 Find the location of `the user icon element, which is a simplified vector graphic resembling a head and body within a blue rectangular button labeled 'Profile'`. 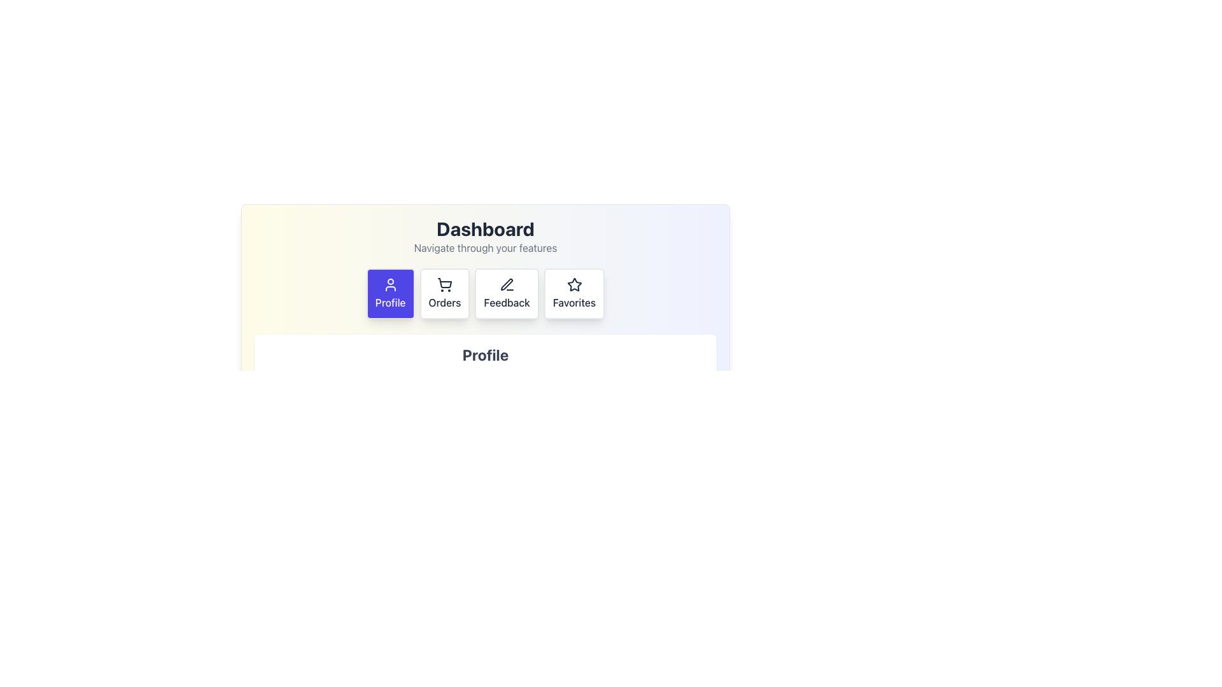

the user icon element, which is a simplified vector graphic resembling a head and body within a blue rectangular button labeled 'Profile' is located at coordinates (390, 284).